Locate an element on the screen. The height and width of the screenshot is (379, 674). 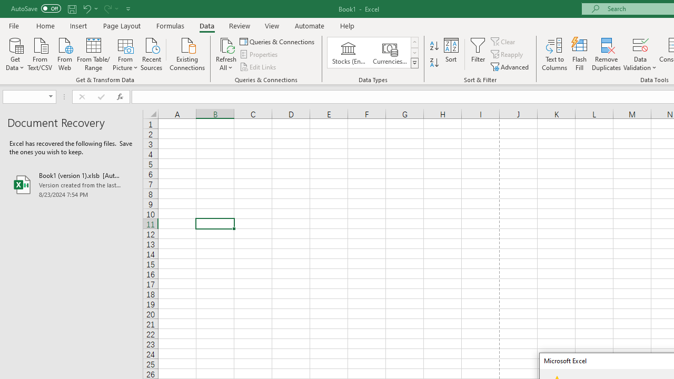
'Existing Connections' is located at coordinates (187, 53).